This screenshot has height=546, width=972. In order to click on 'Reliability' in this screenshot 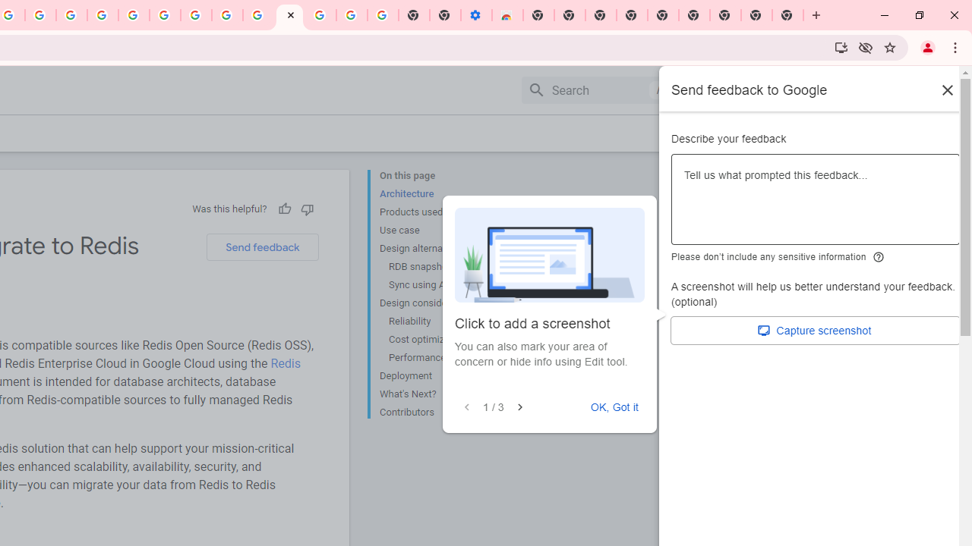, I will do `click(444, 321)`.